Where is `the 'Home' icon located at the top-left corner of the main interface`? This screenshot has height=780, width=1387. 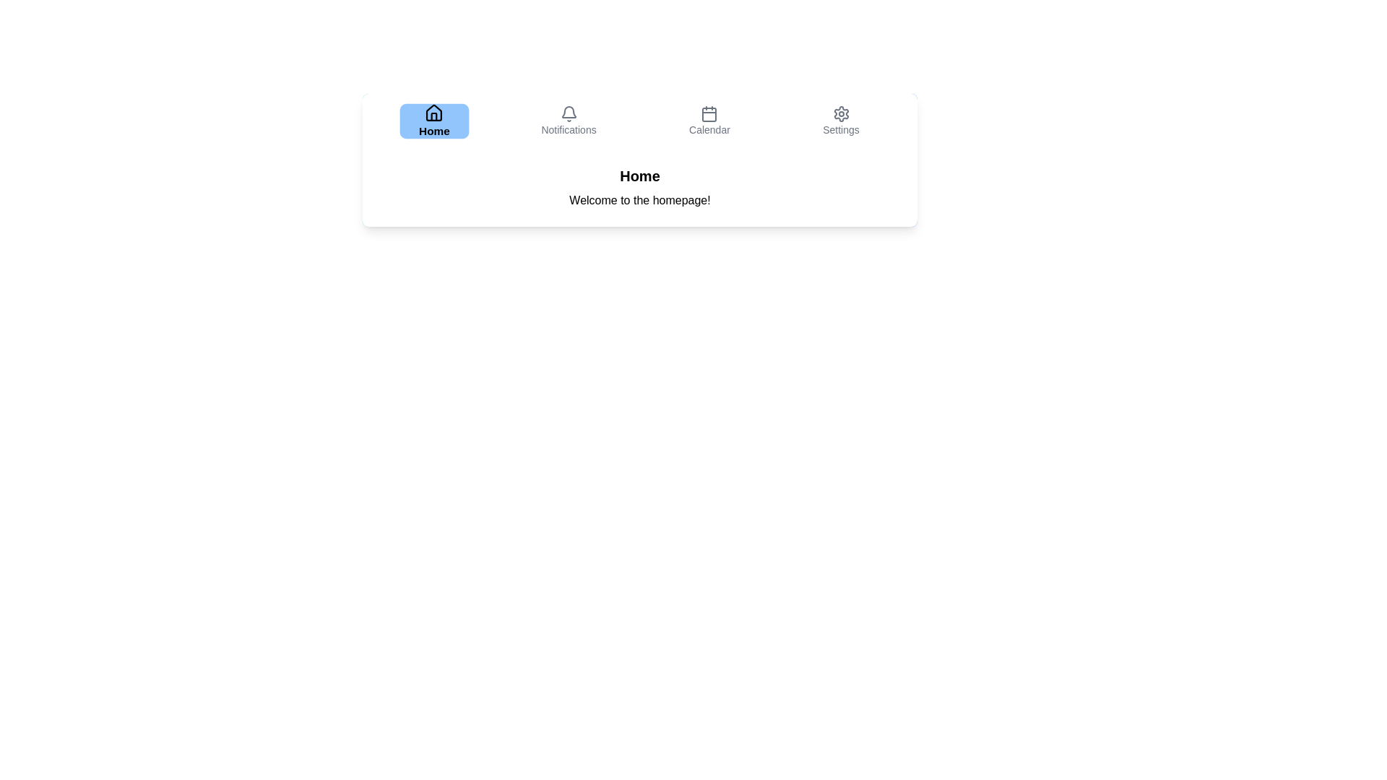
the 'Home' icon located at the top-left corner of the main interface is located at coordinates (433, 112).